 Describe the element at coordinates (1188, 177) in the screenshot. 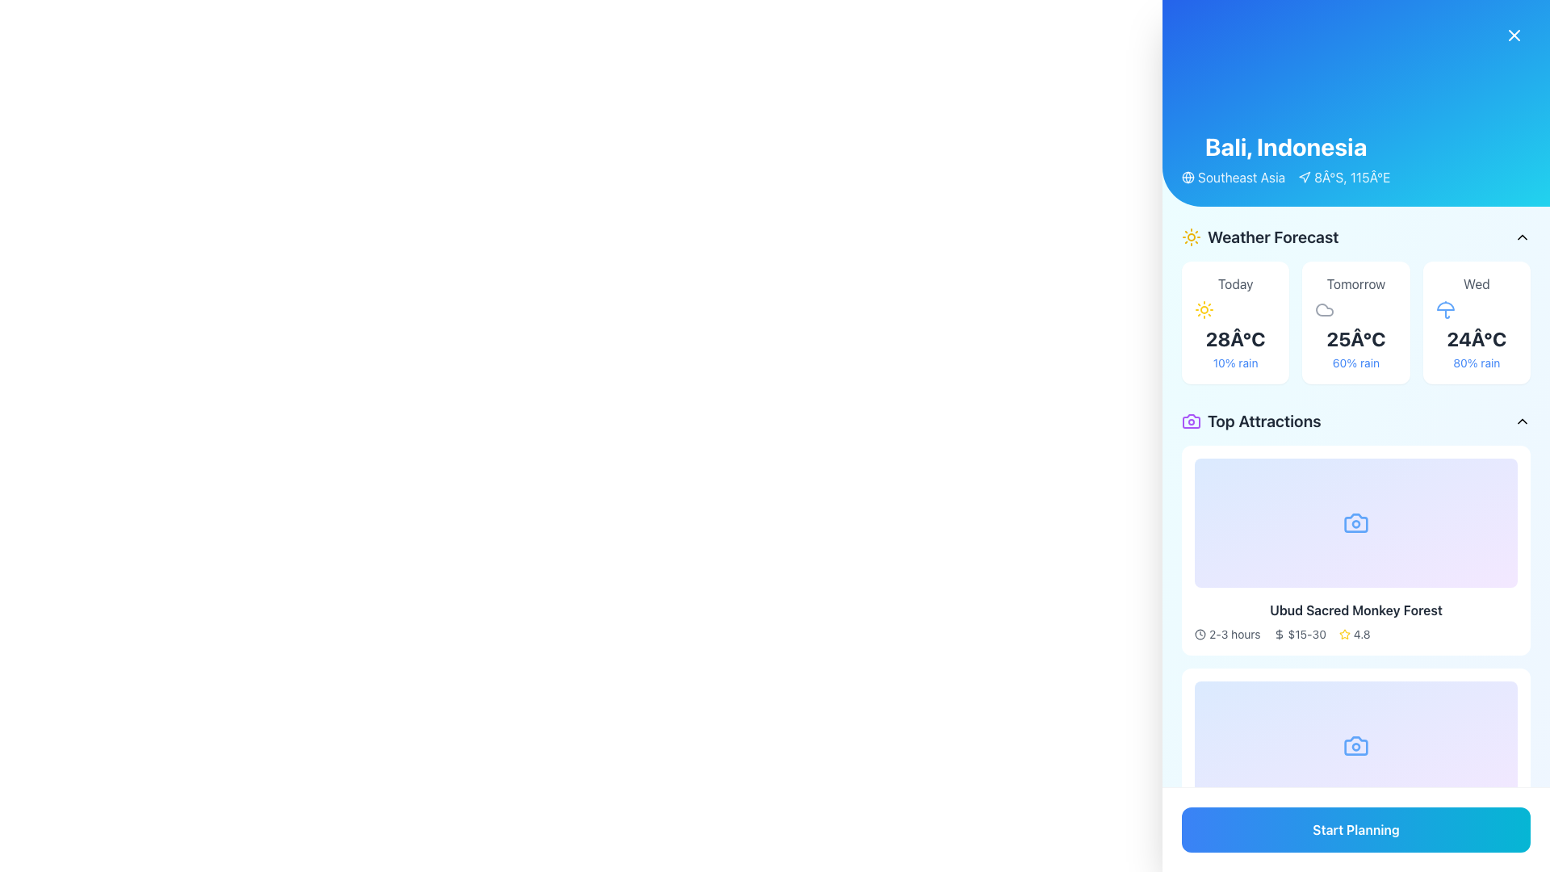

I see `the globe icon indicating geographical information for 'Southeast Asia'` at that location.